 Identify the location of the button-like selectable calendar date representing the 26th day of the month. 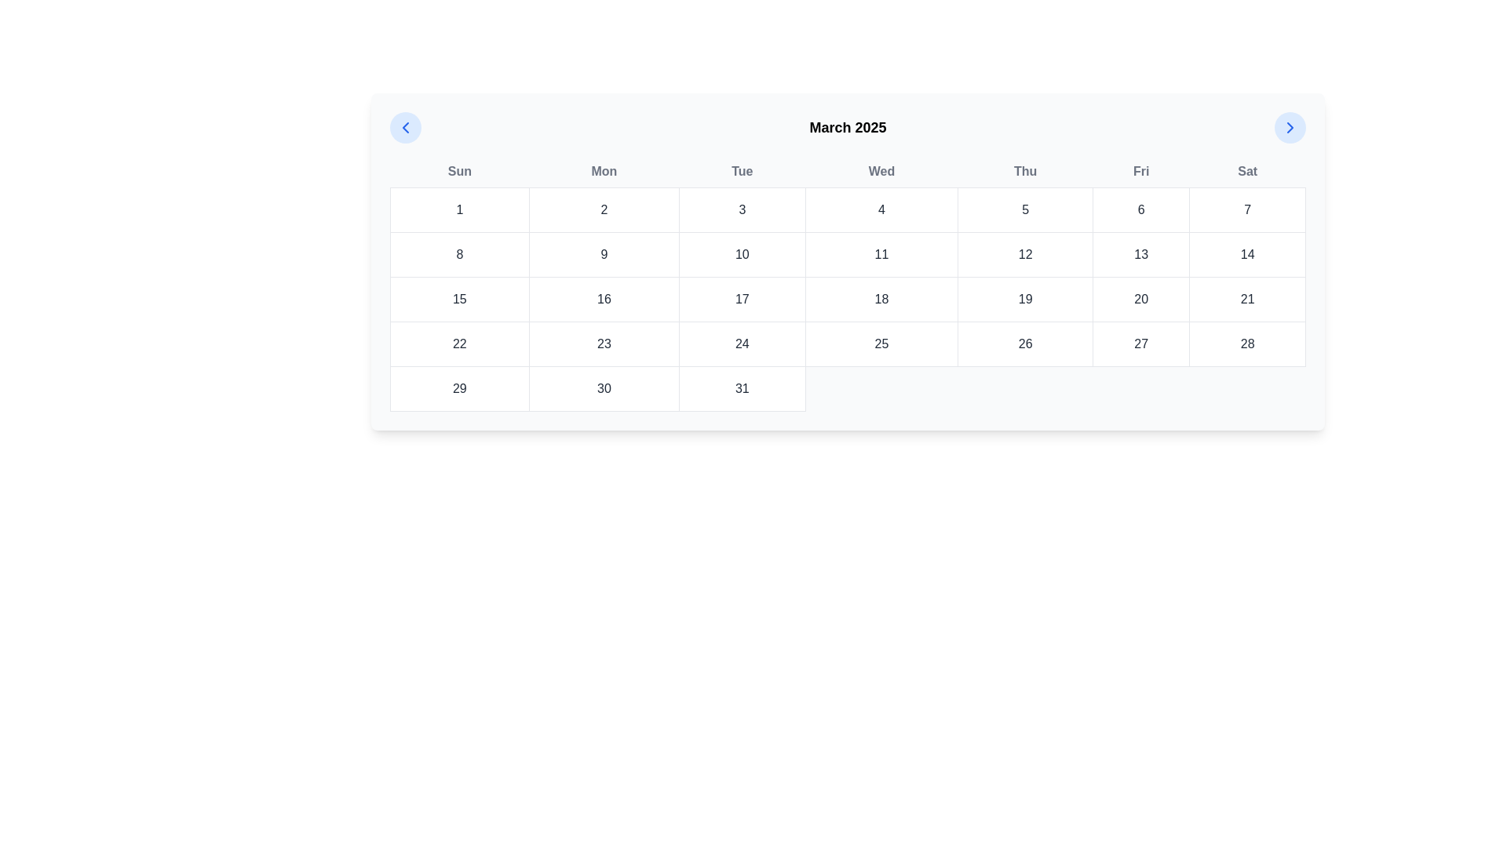
(1025, 344).